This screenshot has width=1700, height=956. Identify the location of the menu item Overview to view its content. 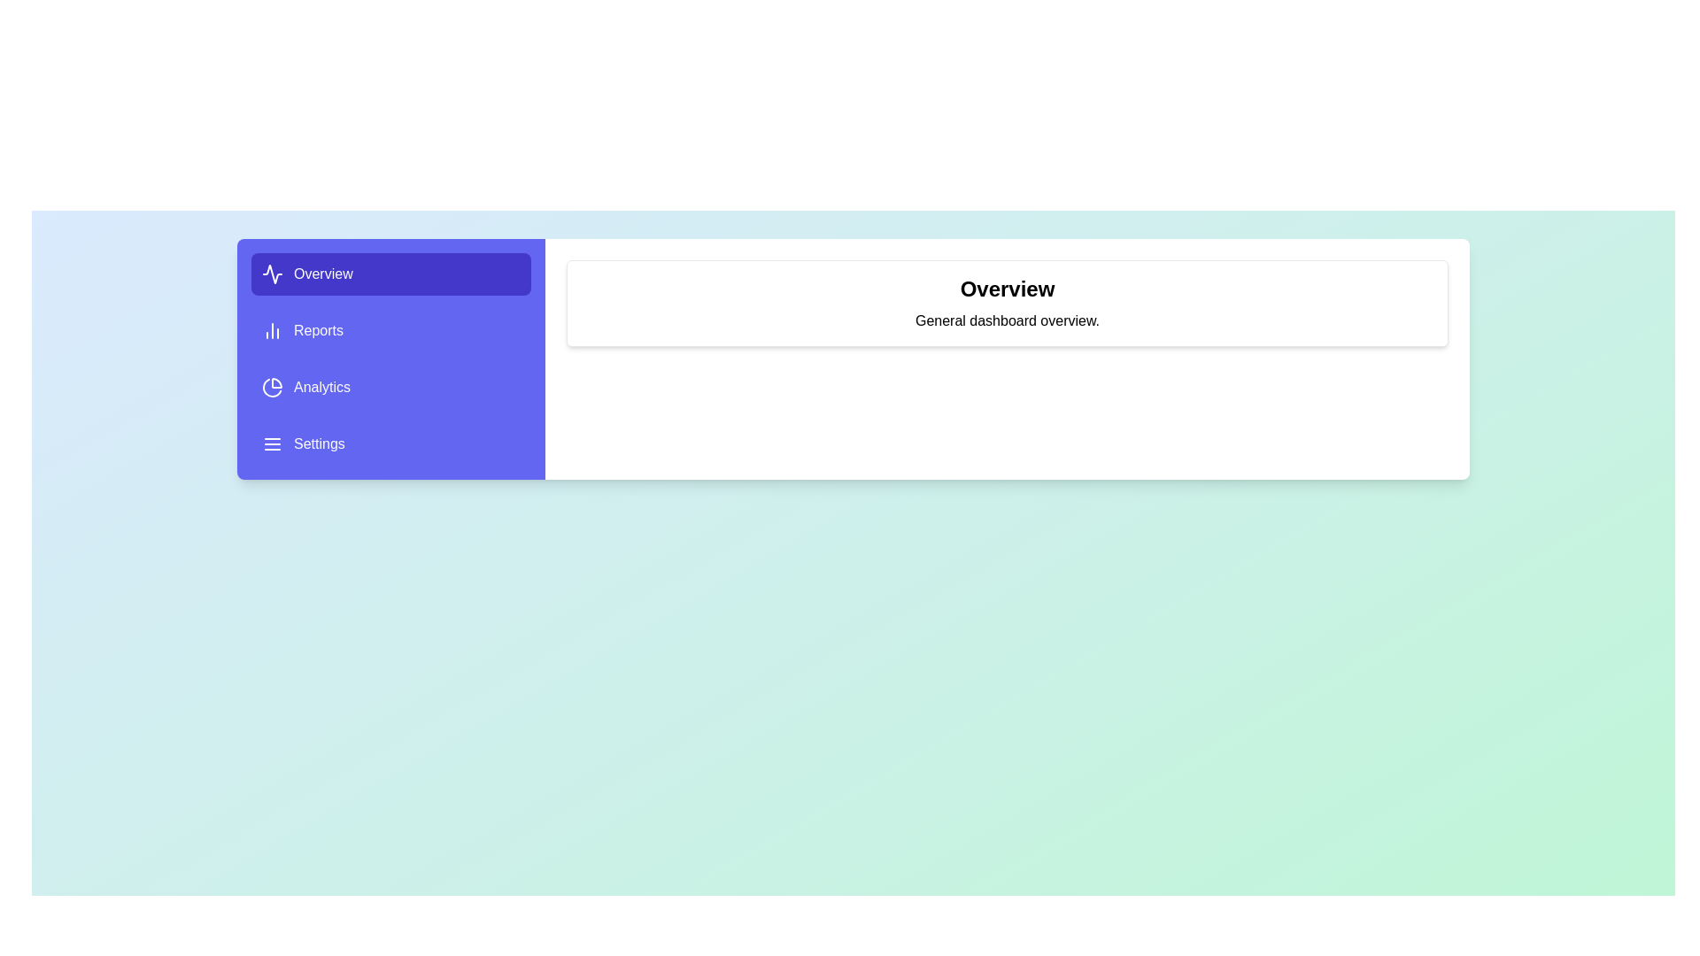
(390, 274).